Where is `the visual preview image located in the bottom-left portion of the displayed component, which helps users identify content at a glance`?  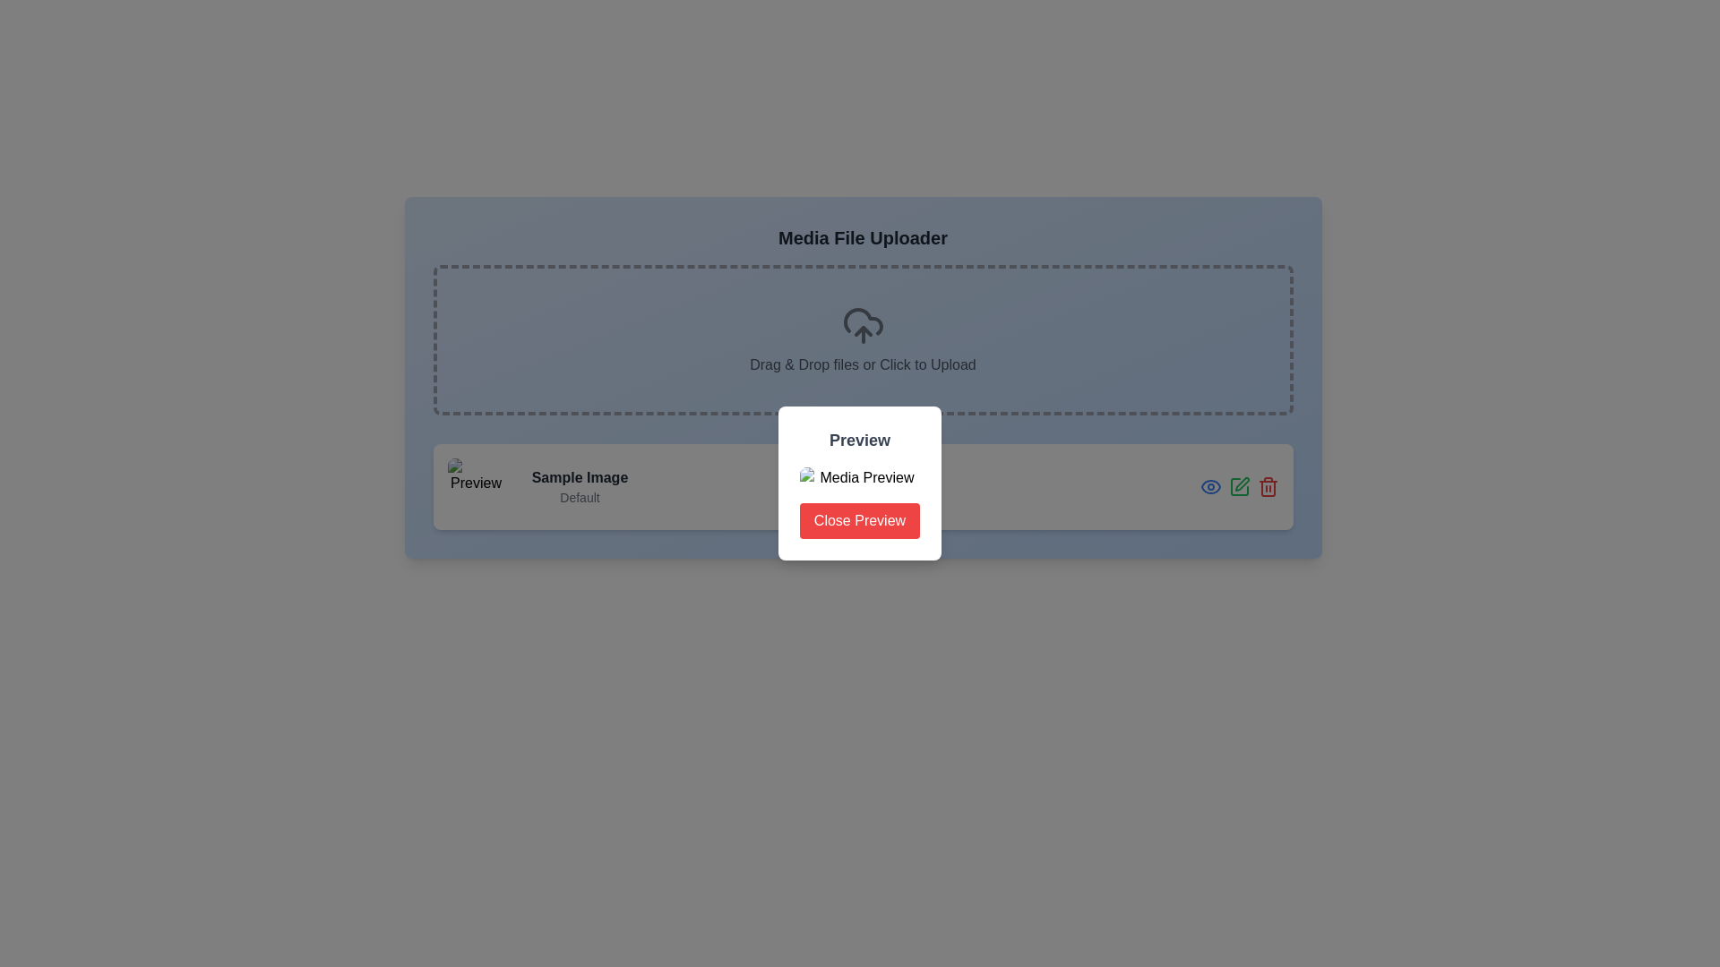
the visual preview image located in the bottom-left portion of the displayed component, which helps users identify content at a glance is located at coordinates (476, 486).